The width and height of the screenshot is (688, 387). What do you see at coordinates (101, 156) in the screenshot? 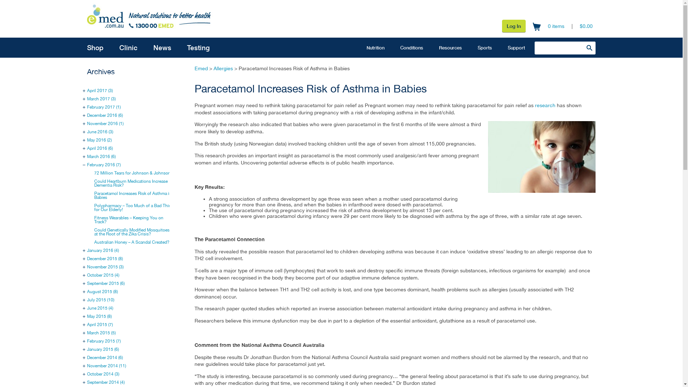
I see `'March 2016 (6)'` at bounding box center [101, 156].